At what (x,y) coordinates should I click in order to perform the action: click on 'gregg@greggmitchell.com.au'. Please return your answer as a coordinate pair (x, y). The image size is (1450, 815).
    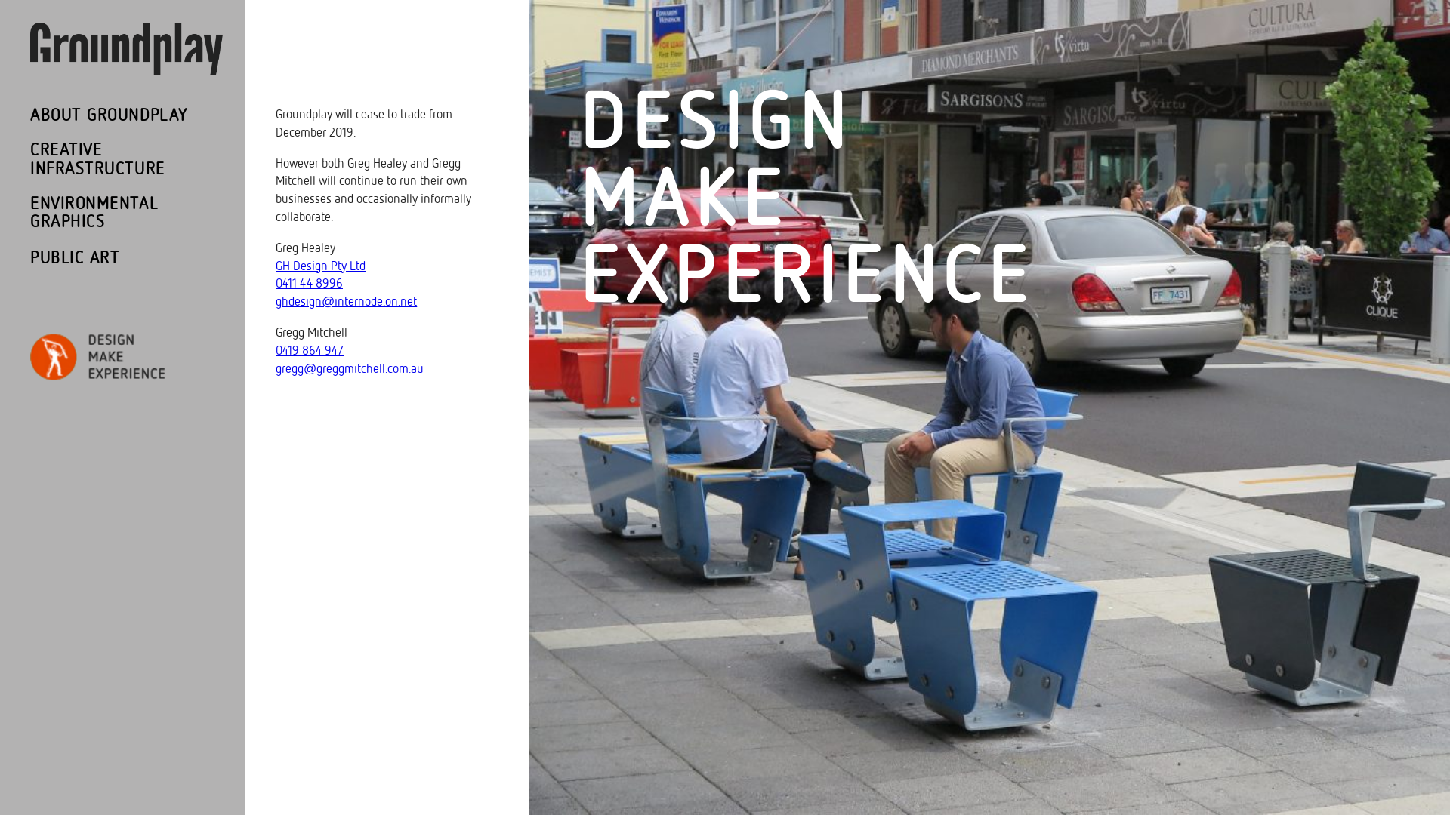
    Looking at the image, I should click on (348, 368).